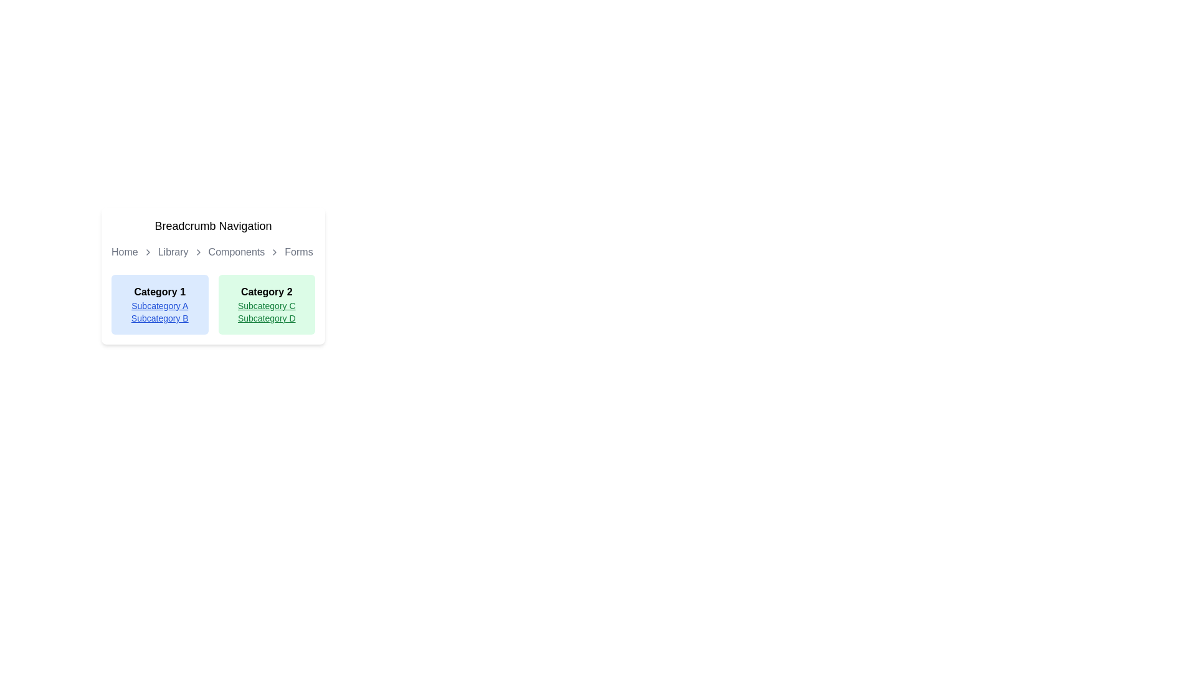 Image resolution: width=1196 pixels, height=673 pixels. Describe the element at coordinates (299, 252) in the screenshot. I see `the fifth clickable text link in the breadcrumb navigation, which navigates to the 'Forms' section, to trigger the hover effect that changes its color to blue` at that location.